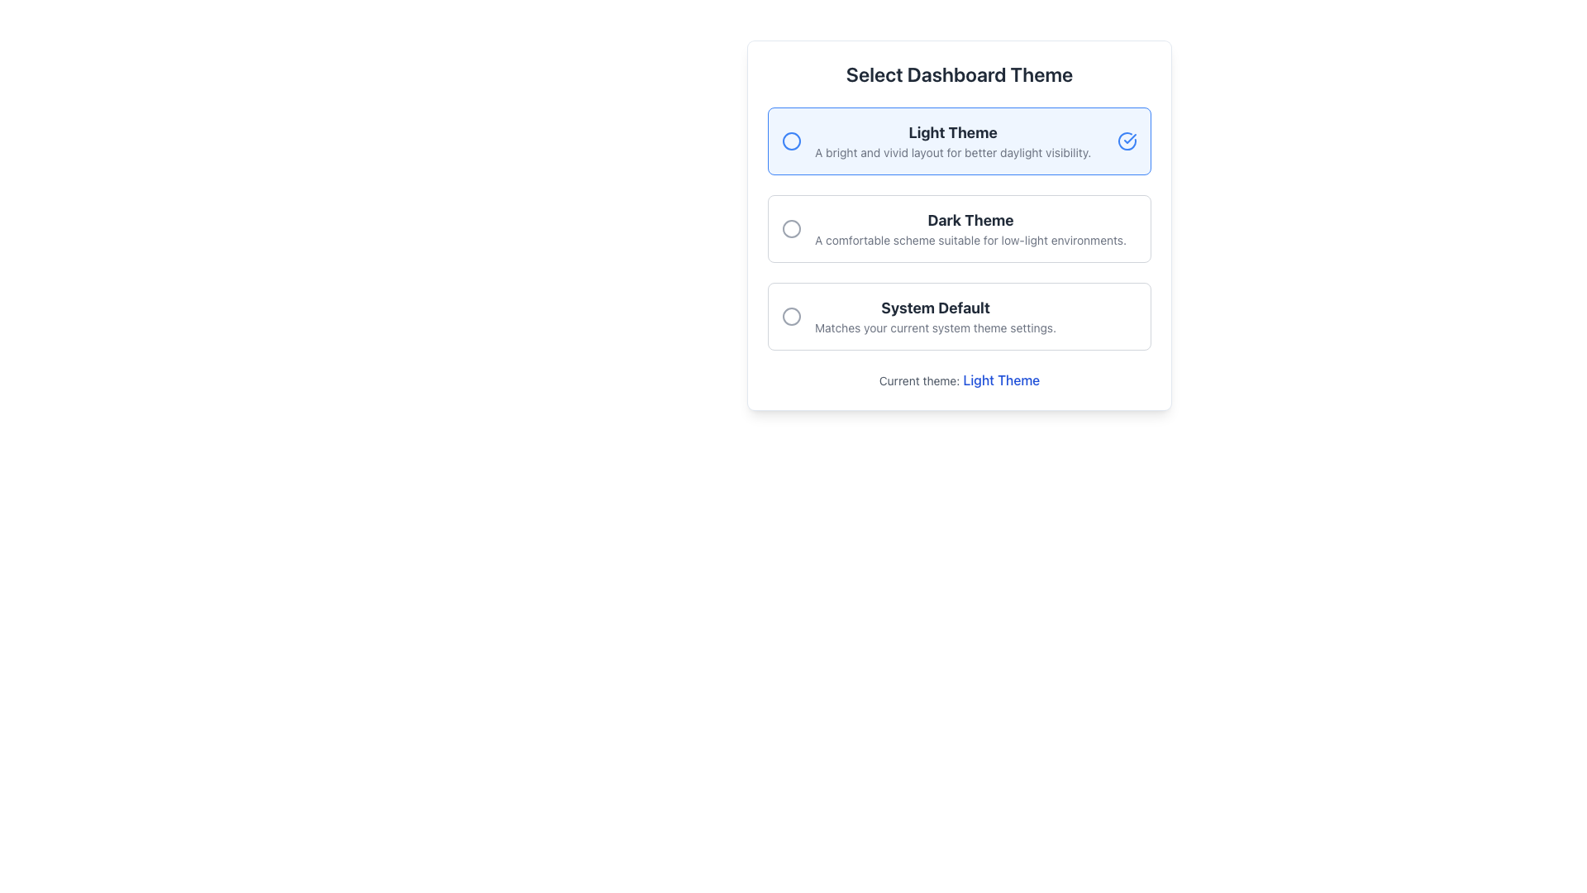 Image resolution: width=1587 pixels, height=893 pixels. What do you see at coordinates (791, 316) in the screenshot?
I see `the inner circle of the 'System Default' radio button in the theme selection interface to indicate selection state` at bounding box center [791, 316].